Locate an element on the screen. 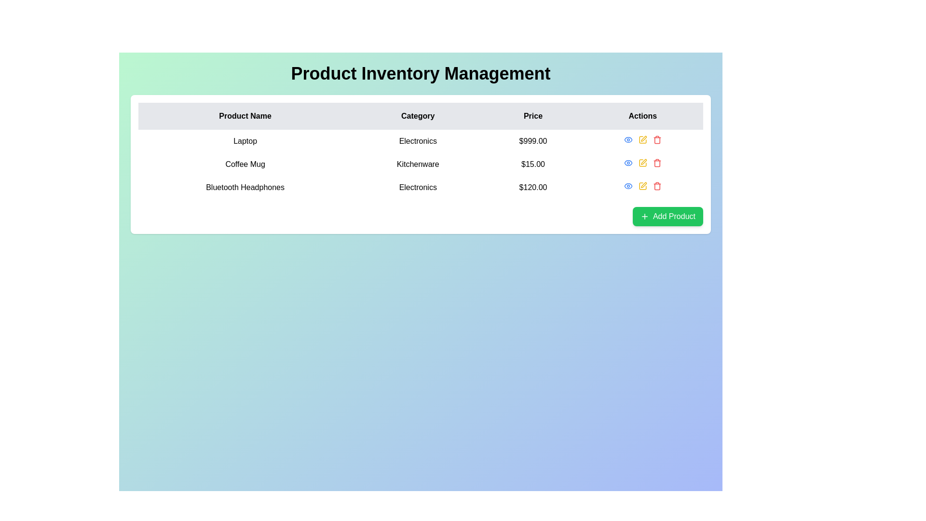 This screenshot has width=926, height=521. the blue eye icon in the 'Actions' column of the second row to observe the hover effect is located at coordinates (628, 163).